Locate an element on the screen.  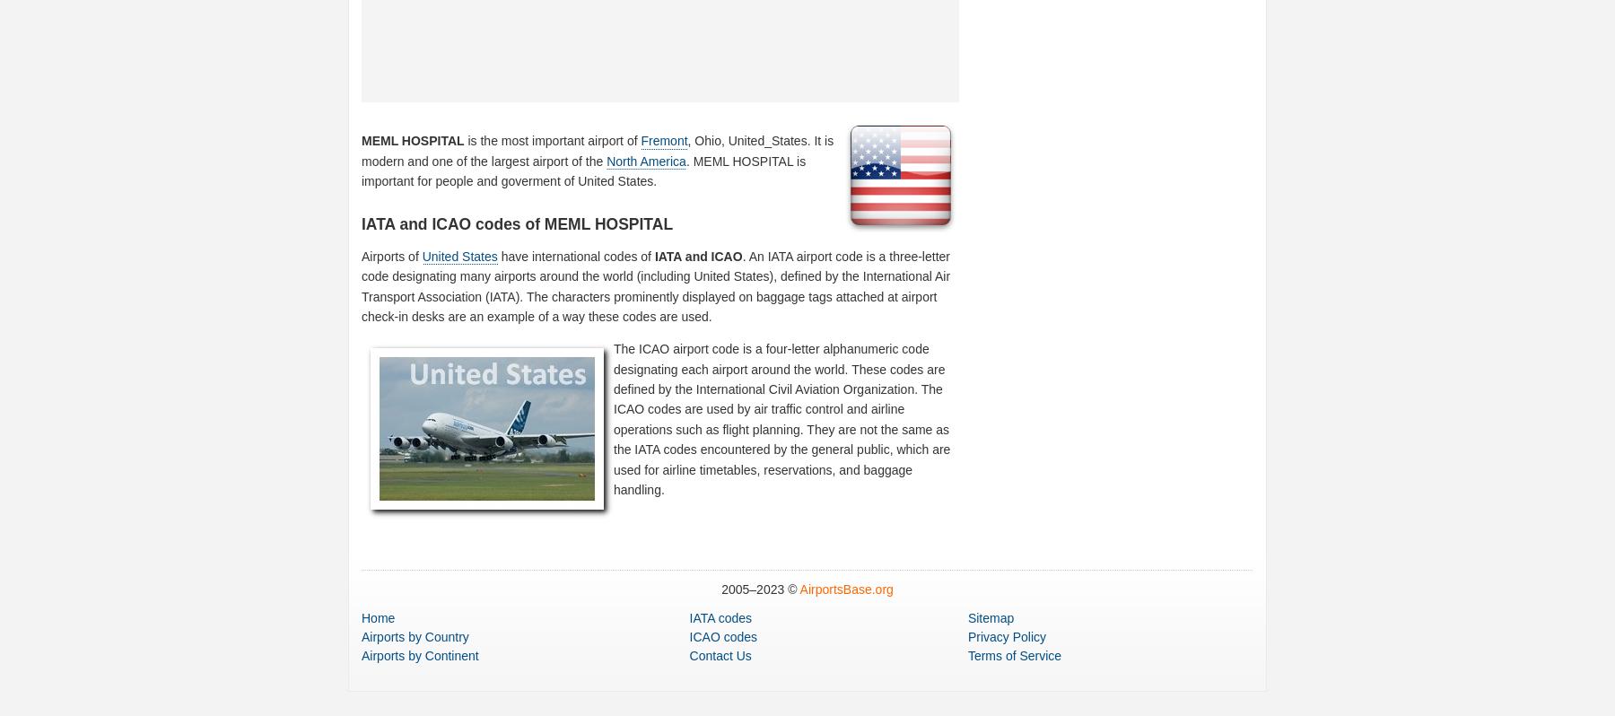
'.
An IATA airport code is a three-letter code designating many airports around the world (including United States),
defined by the International Air Transport Association (IATA). The characters prominently displayed on baggage
tags attached at airport check-in desks are an example of a way these codes are used.' is located at coordinates (654, 285).